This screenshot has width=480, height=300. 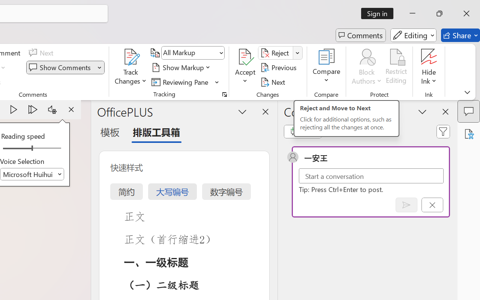 I want to click on 'Track Changes', so click(x=131, y=57).